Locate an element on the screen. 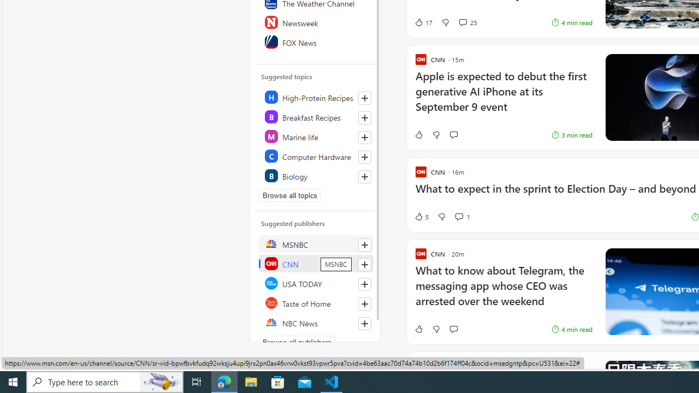 This screenshot has height=393, width=699. 'Class: highlight' is located at coordinates (315, 175).